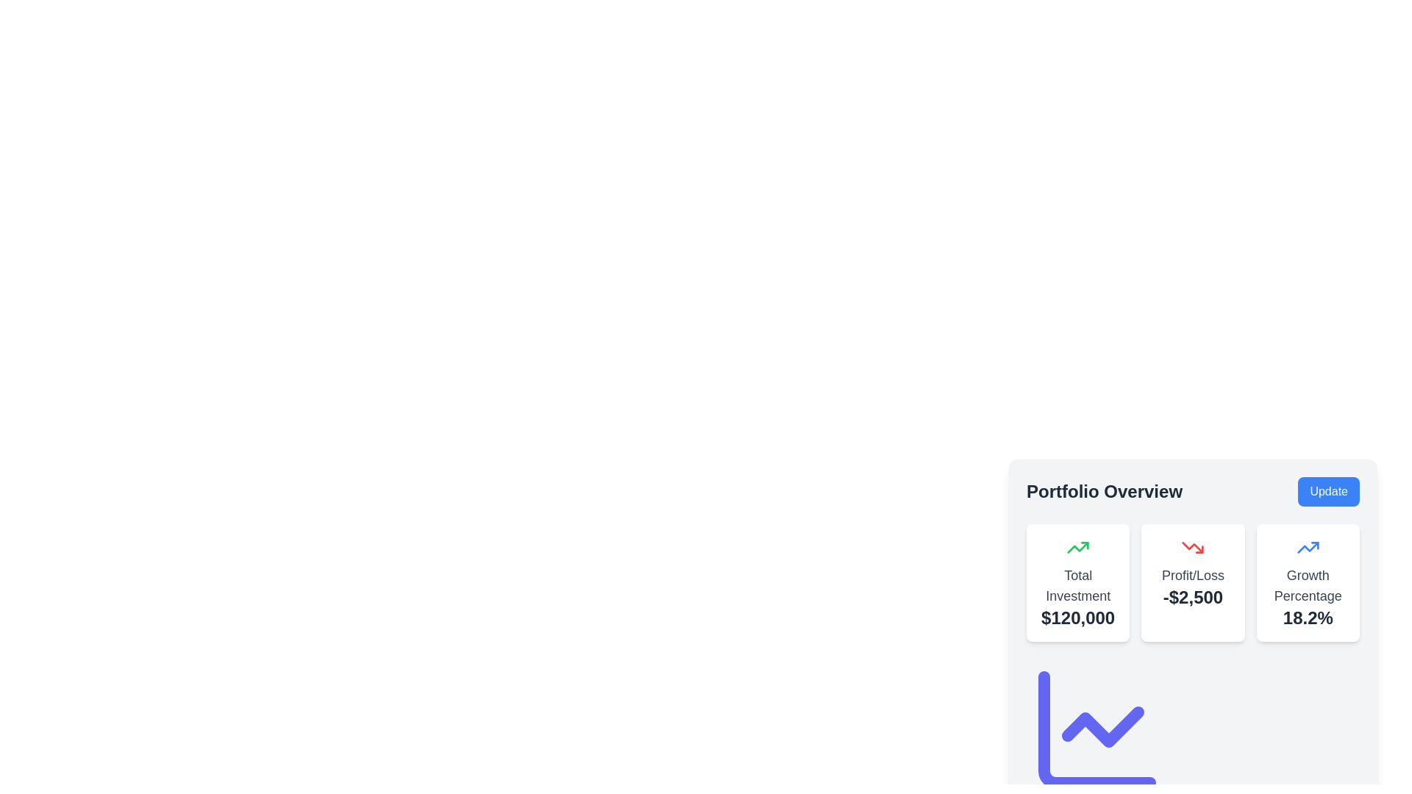 The height and width of the screenshot is (794, 1412). Describe the element at coordinates (1078, 547) in the screenshot. I see `the growth icon located in the upper-left corner of the financial card above 'Total Investment' and '$120,000'` at that location.